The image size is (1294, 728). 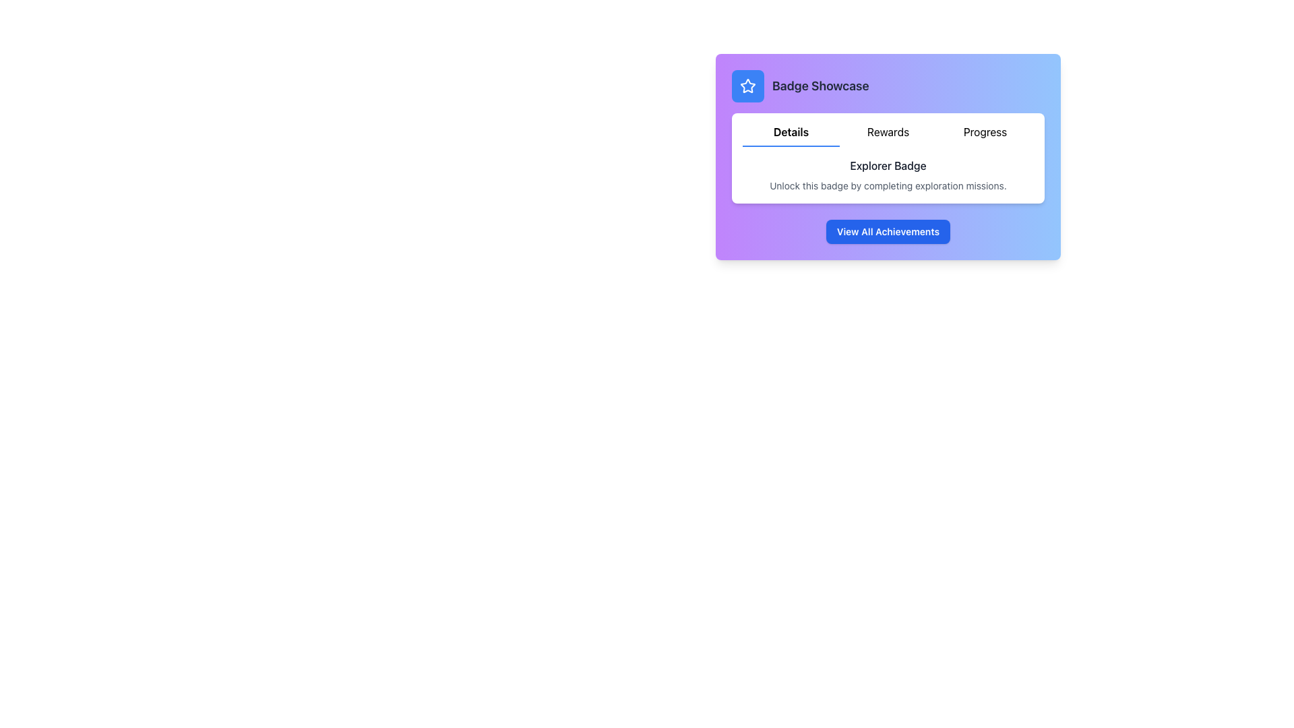 I want to click on the 'Explorer Badge' static text element, which serves as the title for the badge description in the UI, so click(x=888, y=165).